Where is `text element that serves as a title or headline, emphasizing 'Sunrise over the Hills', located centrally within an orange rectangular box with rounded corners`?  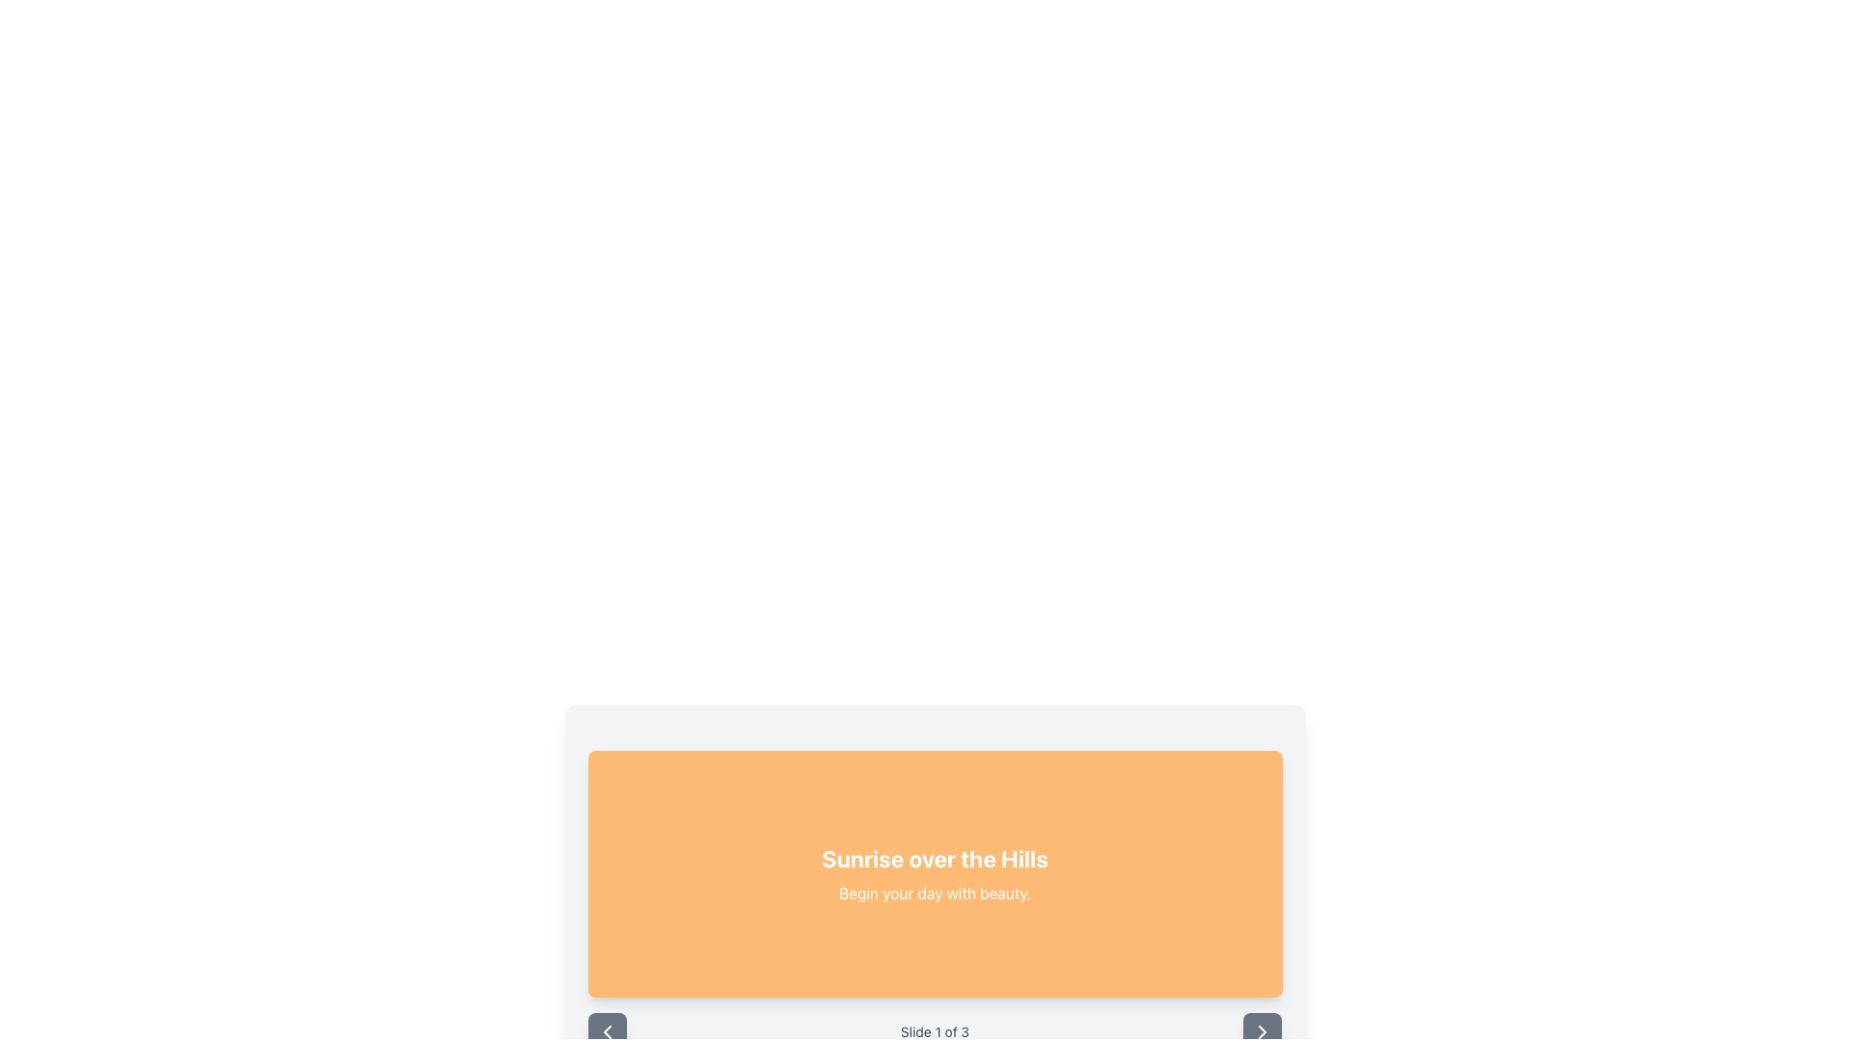
text element that serves as a title or headline, emphasizing 'Sunrise over the Hills', located centrally within an orange rectangular box with rounded corners is located at coordinates (935, 858).